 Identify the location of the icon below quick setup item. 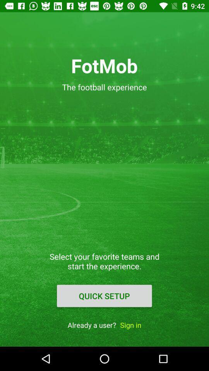
(130, 325).